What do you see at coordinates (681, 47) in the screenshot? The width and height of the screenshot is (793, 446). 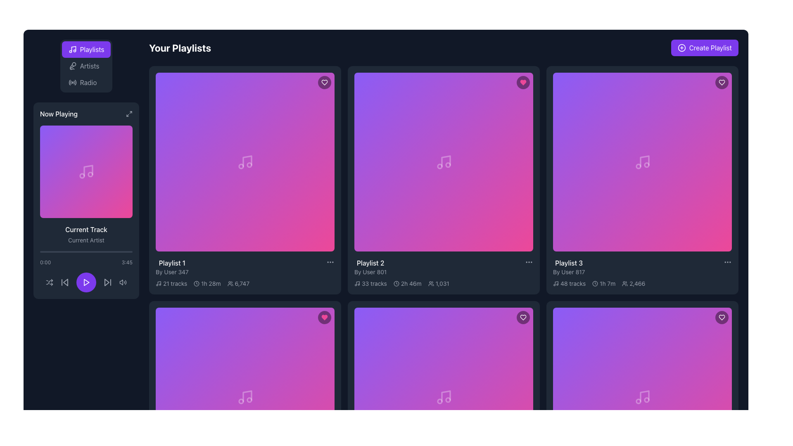 I see `the 'Create Playlist' button icon located in the top-right corner of the interface to signify the action of creating a new playlist` at bounding box center [681, 47].